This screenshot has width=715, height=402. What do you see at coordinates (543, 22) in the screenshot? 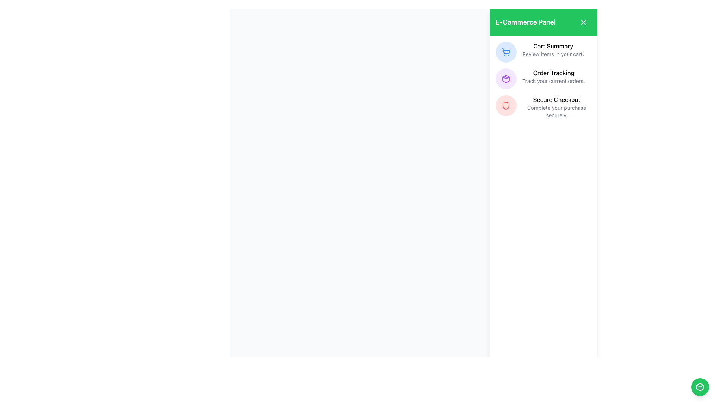
I see `the 'E-Commerce Panel' header in the sidebar` at bounding box center [543, 22].